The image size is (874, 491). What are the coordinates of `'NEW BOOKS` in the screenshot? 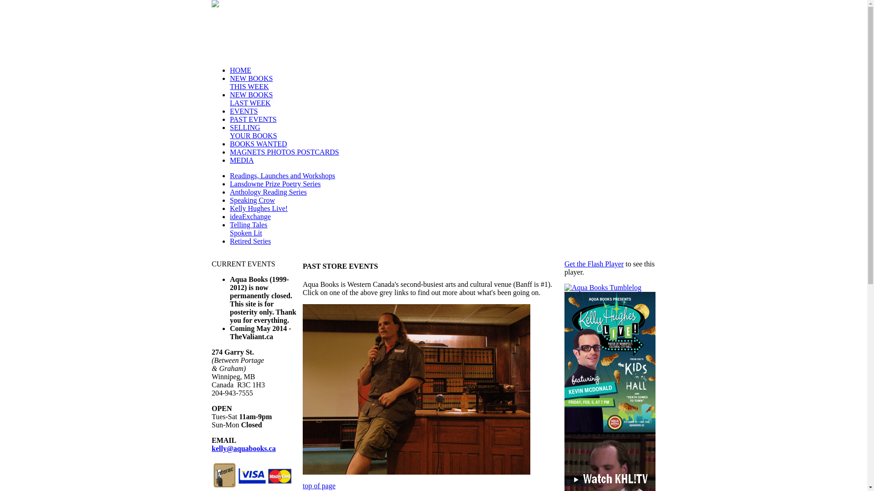 It's located at (251, 82).